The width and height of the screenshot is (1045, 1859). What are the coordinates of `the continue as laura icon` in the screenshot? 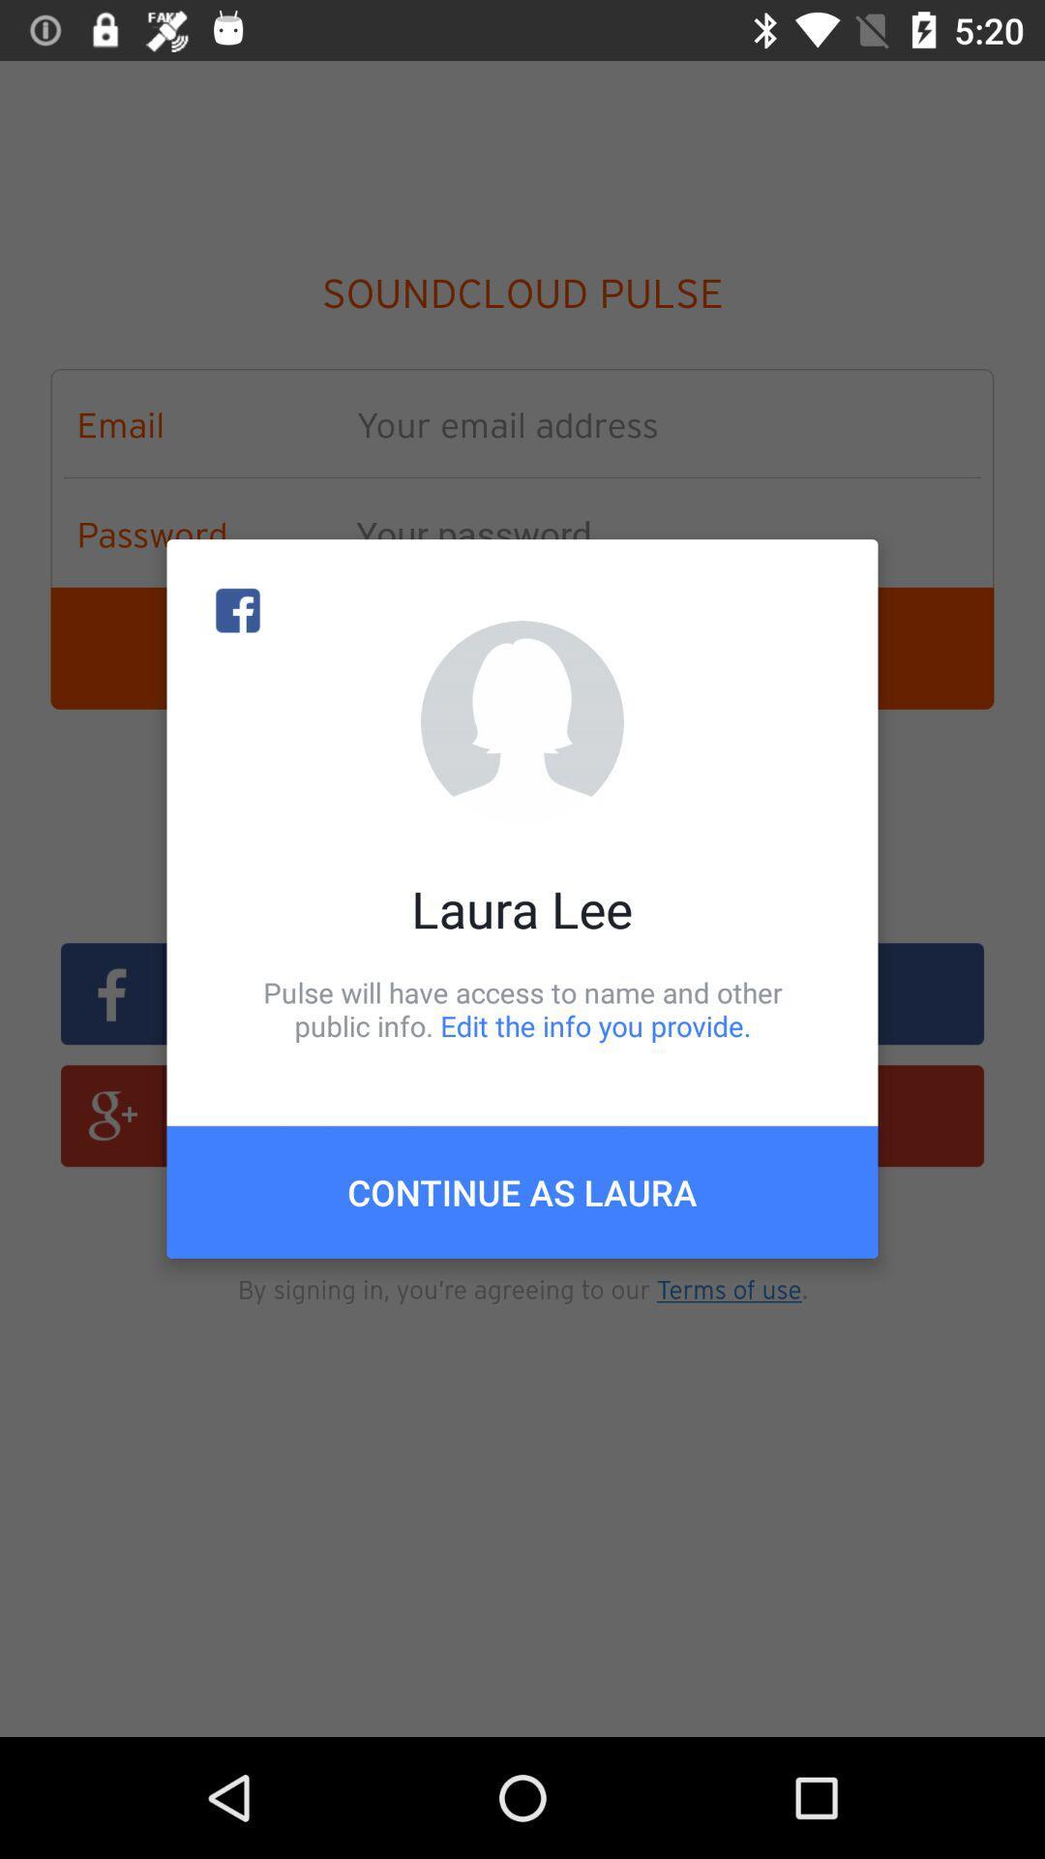 It's located at (522, 1191).